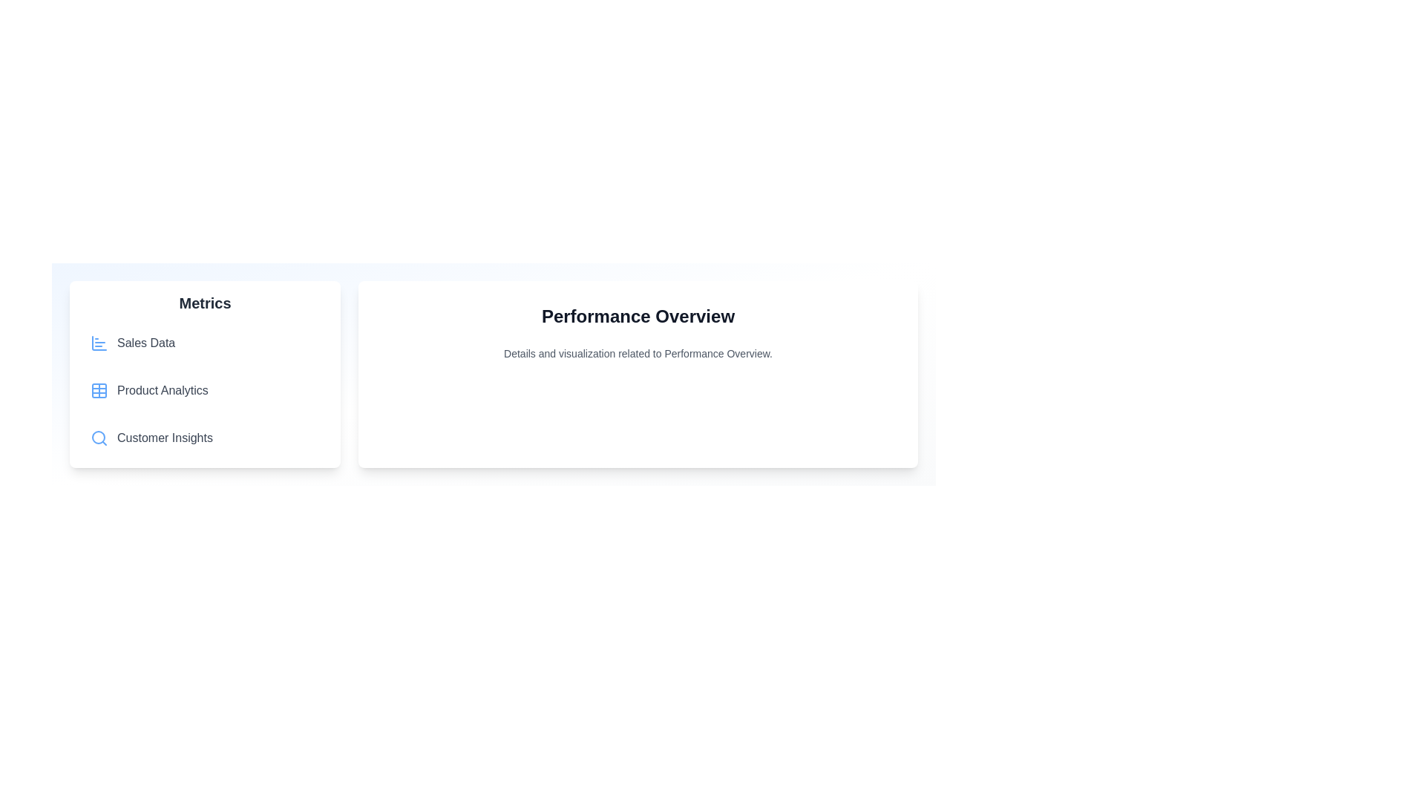  Describe the element at coordinates (99, 437) in the screenshot. I see `the circular blue search icon located to the left of the 'Customer Insights' text in the 'Metrics' section, assuming it is interactive` at that location.